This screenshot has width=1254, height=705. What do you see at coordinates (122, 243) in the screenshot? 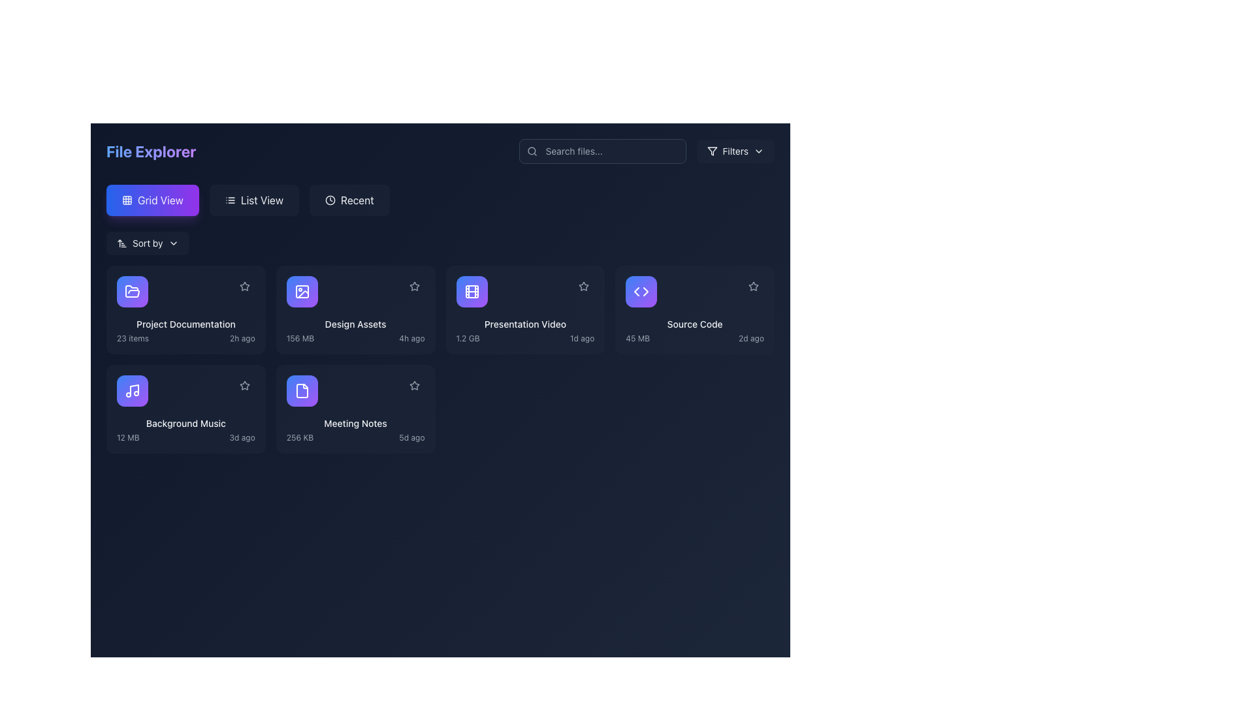
I see `the icon representing an arrow with a narrow-to-wide progression, which indicates sorting order and is positioned to the left of the 'Sort by' text` at bounding box center [122, 243].